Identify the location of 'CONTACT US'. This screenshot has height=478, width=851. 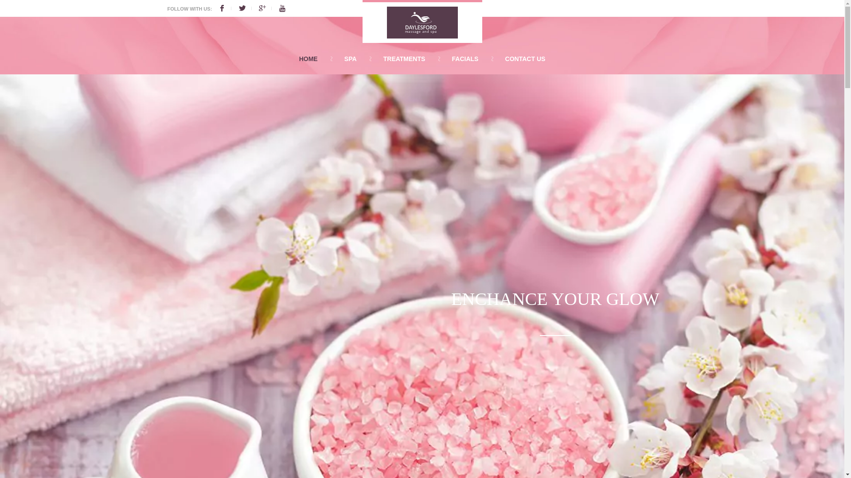
(525, 58).